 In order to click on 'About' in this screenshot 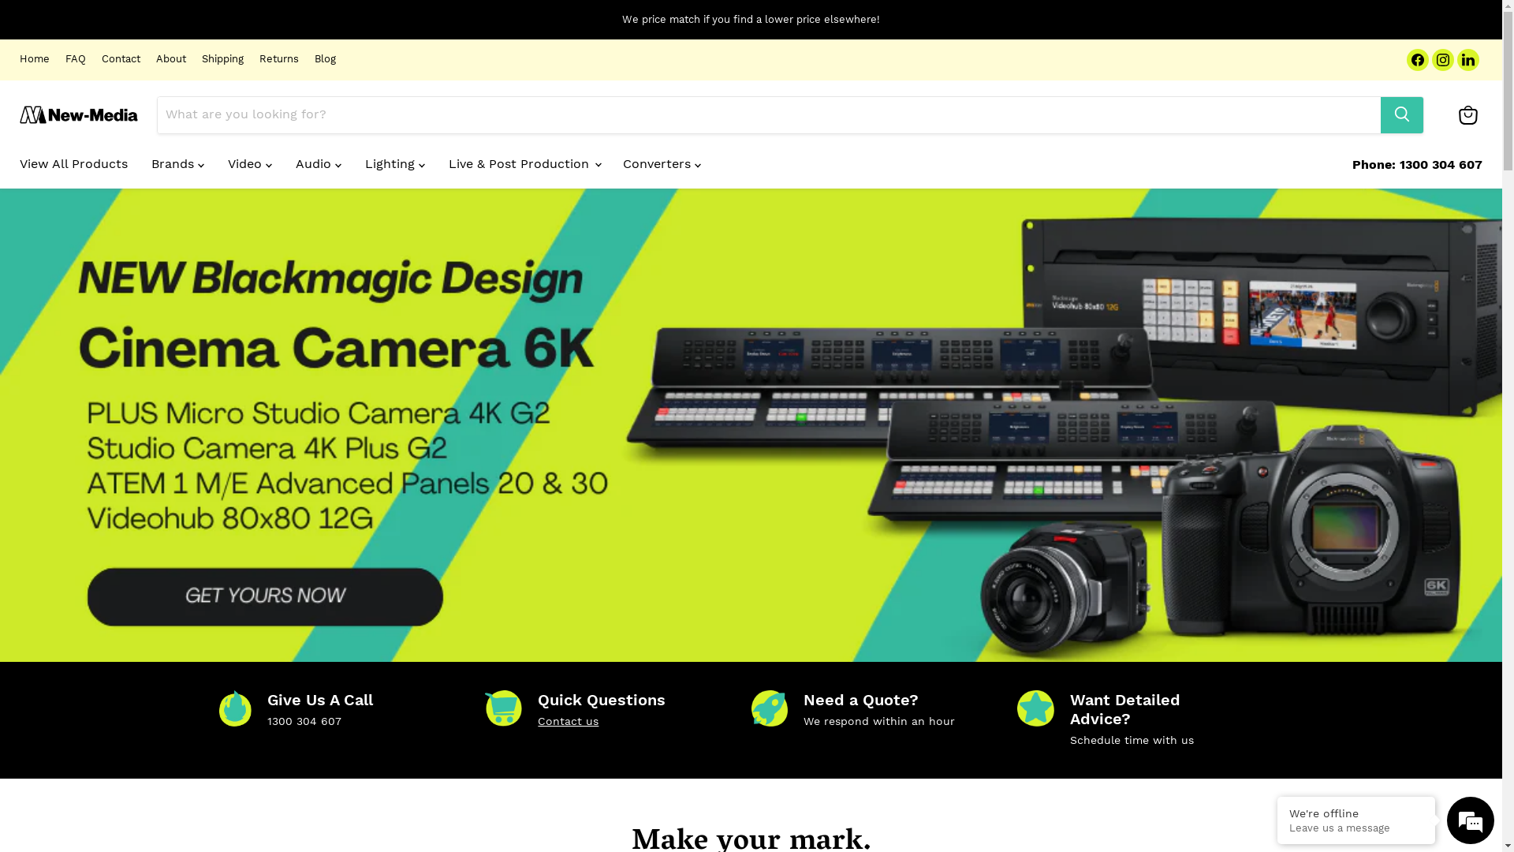, I will do `click(155, 58)`.